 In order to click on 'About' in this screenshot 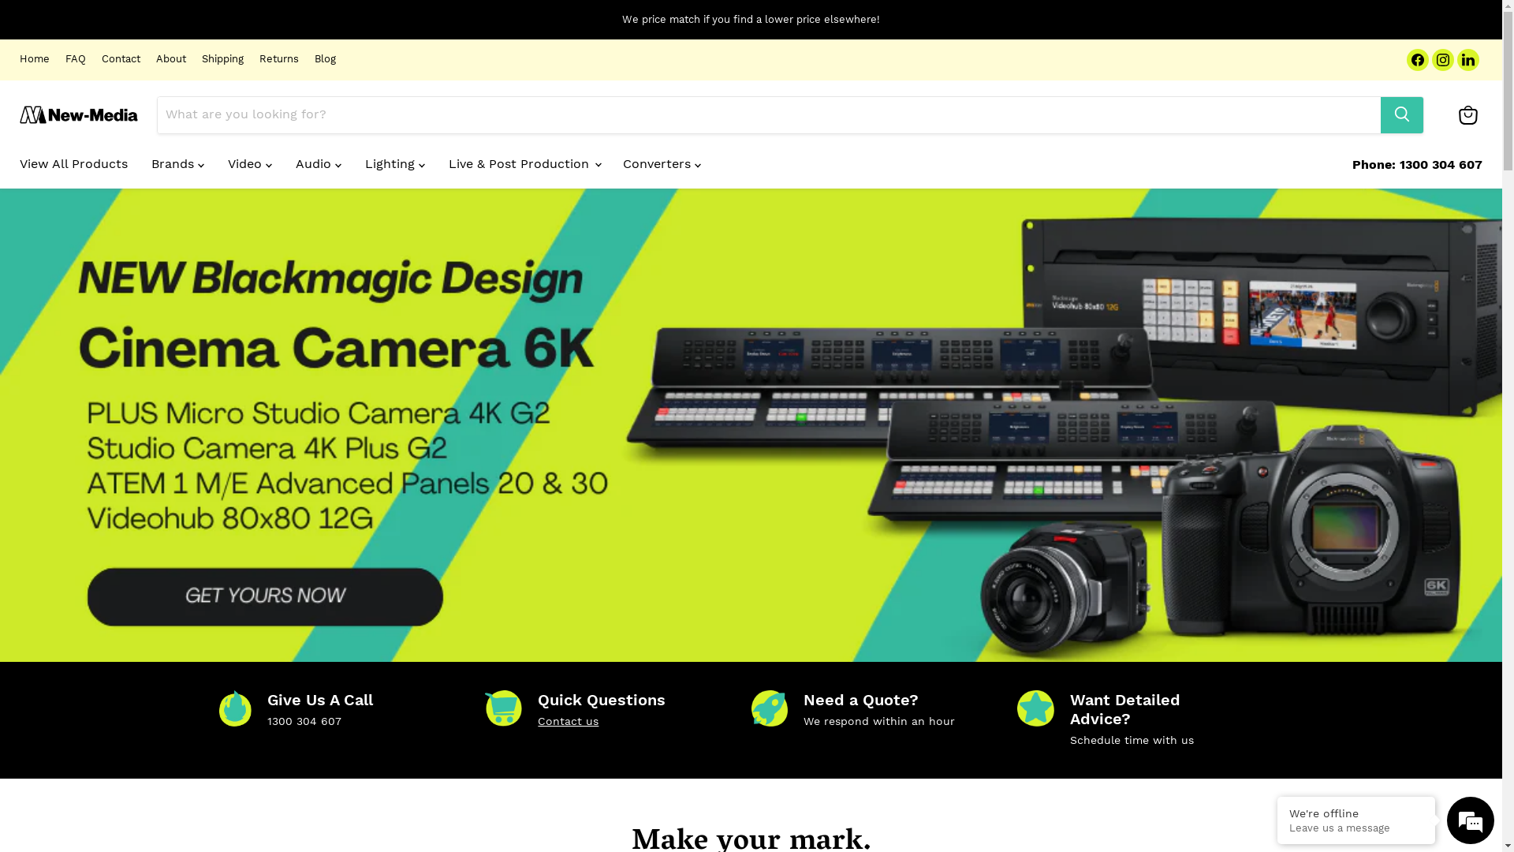, I will do `click(155, 58)`.